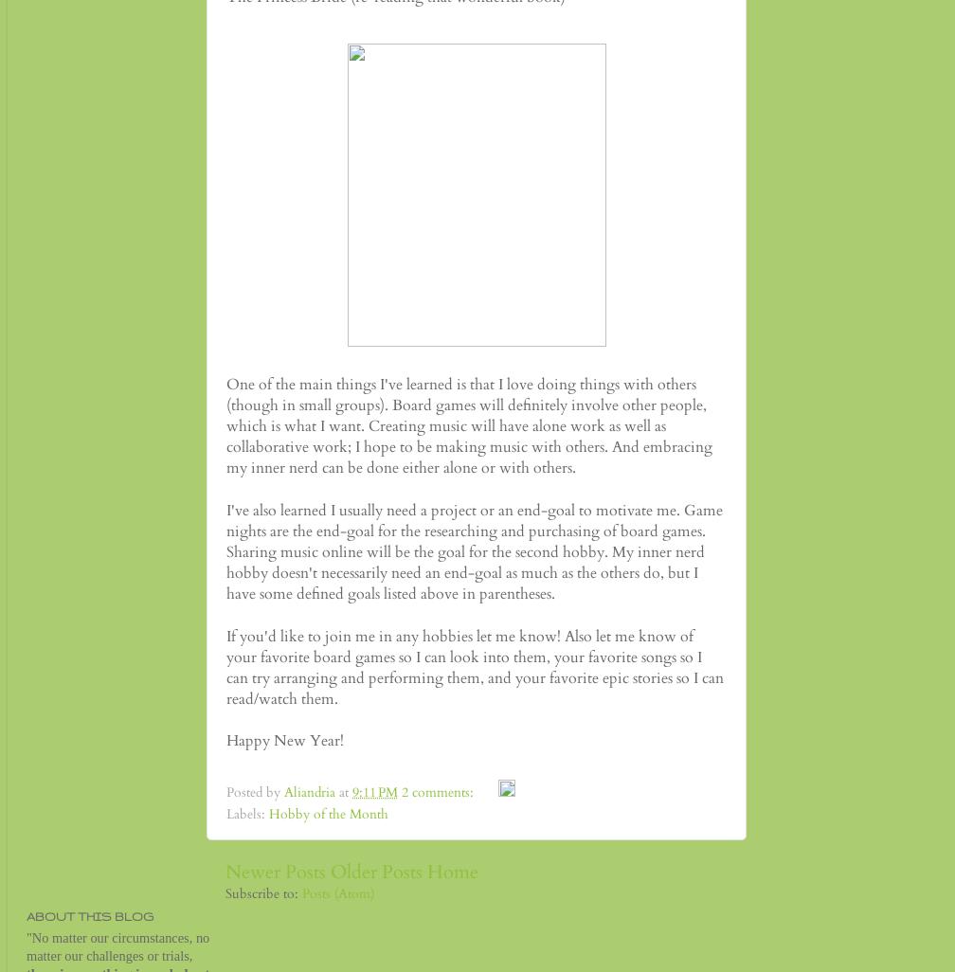 Image resolution: width=955 pixels, height=972 pixels. I want to click on 'If you'd like to join me in any hobbies let me know! Also let me know of your favorite board games so I can look into them, your favorite songs so I can try arranging and performing them, and your favorite epic stories so I can read/watch them.', so click(475, 666).